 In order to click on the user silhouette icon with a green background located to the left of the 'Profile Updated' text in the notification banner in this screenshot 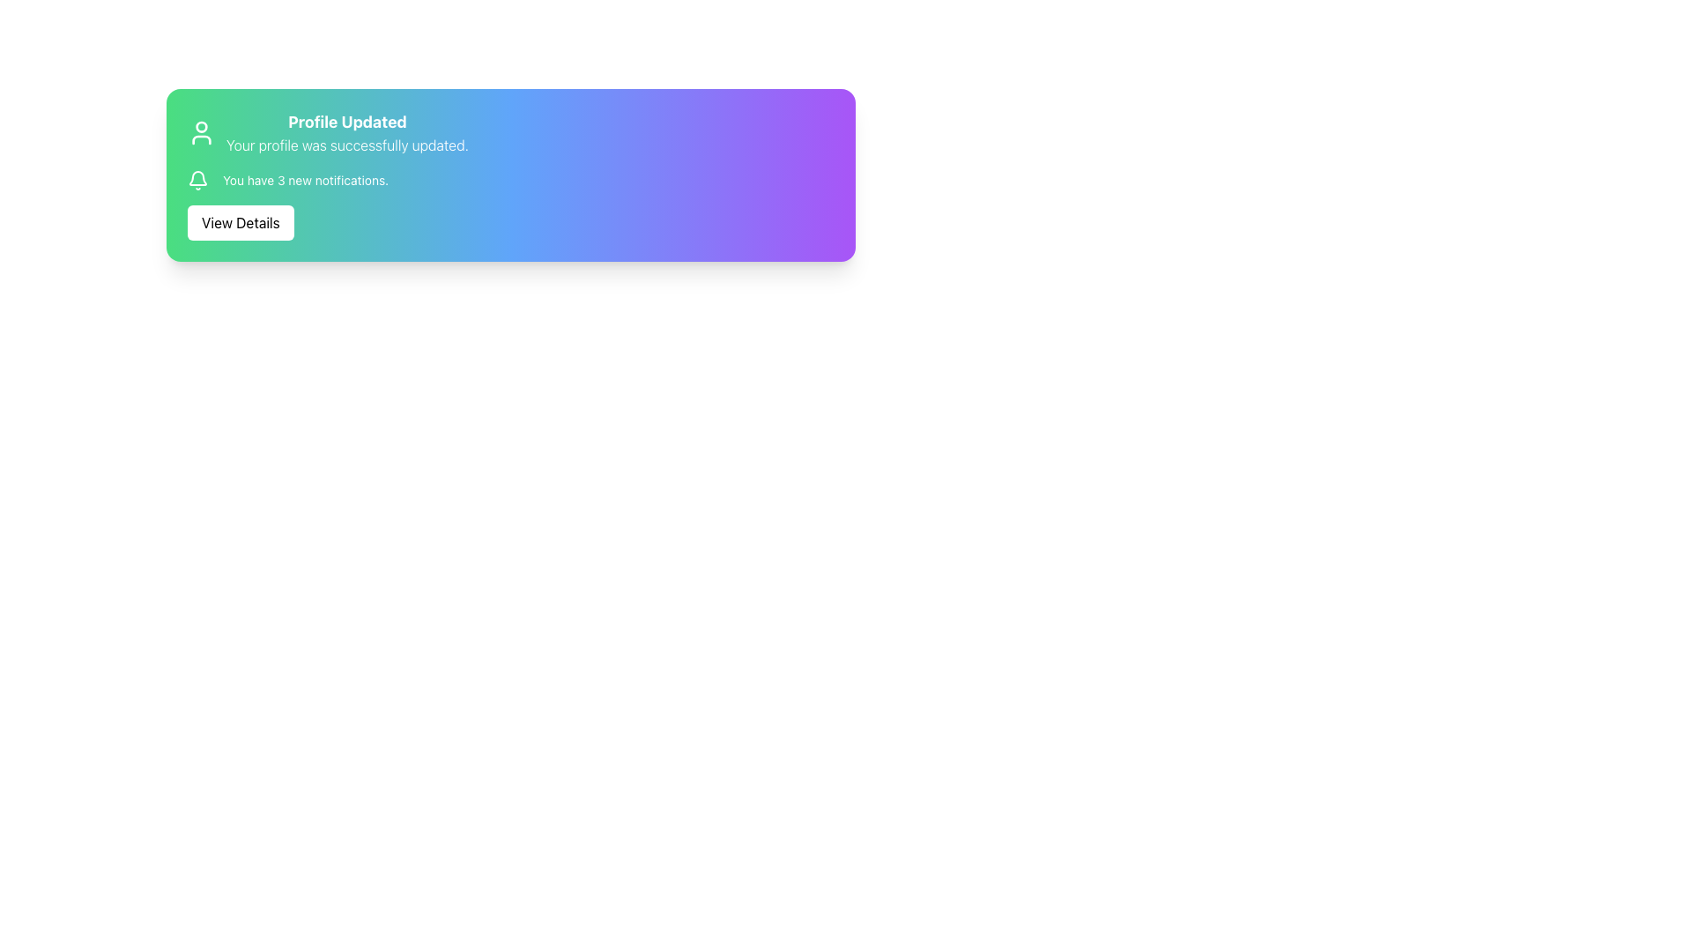, I will do `click(202, 131)`.